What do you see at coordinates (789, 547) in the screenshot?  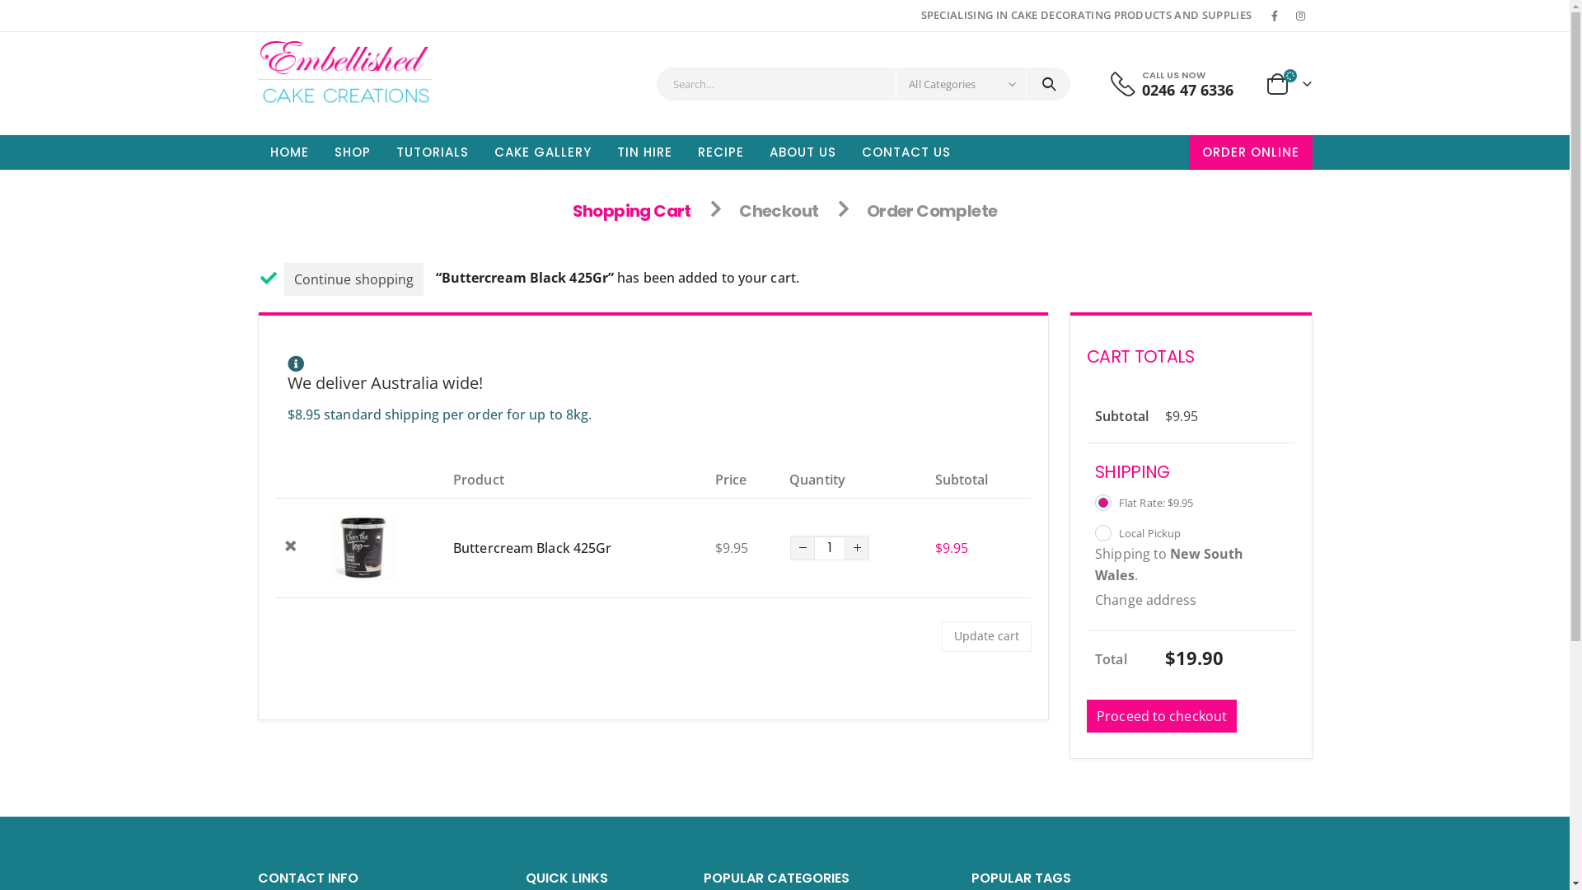 I see `'-'` at bounding box center [789, 547].